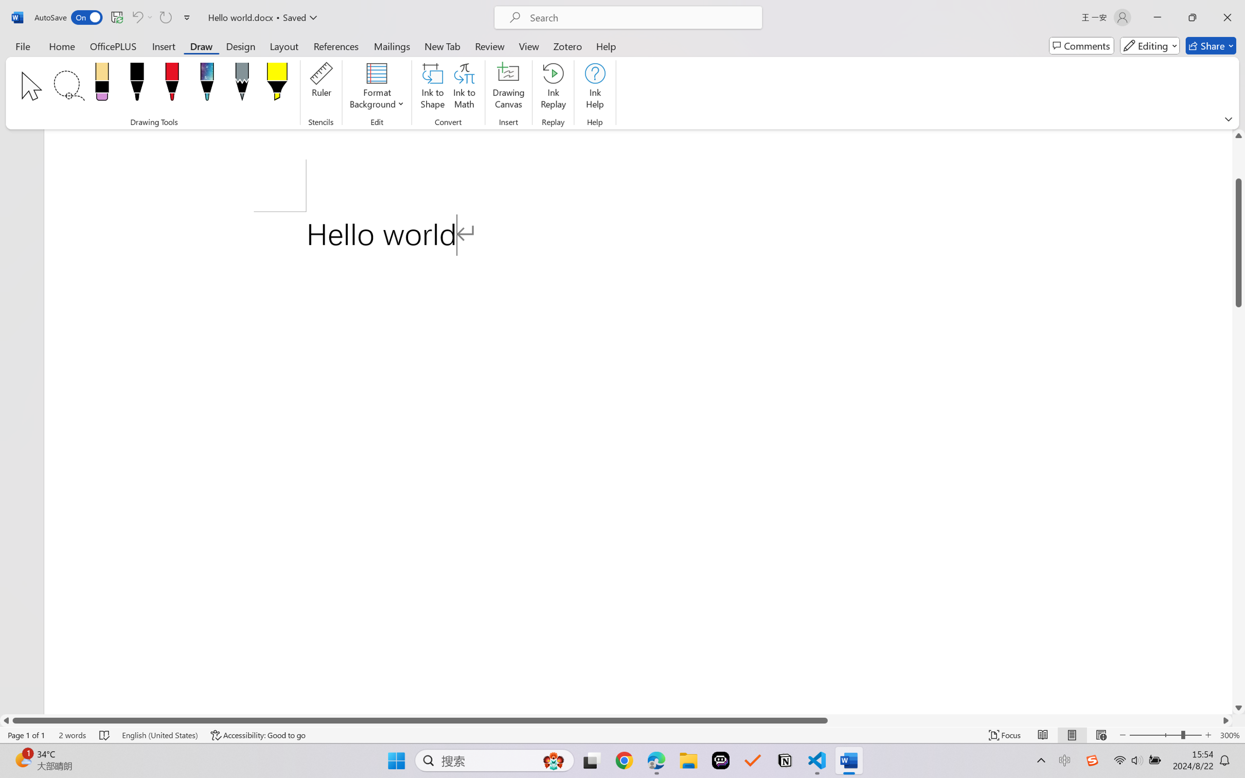  What do you see at coordinates (1081, 45) in the screenshot?
I see `'Comments'` at bounding box center [1081, 45].